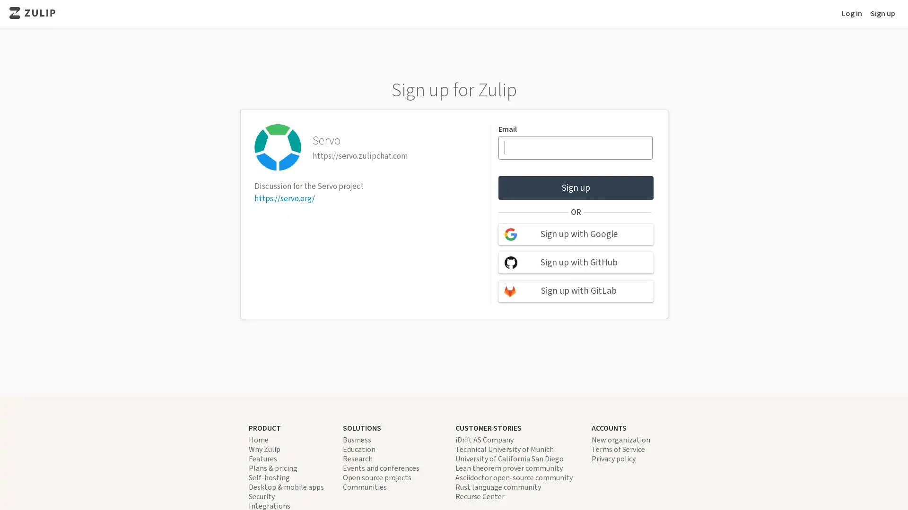  Describe the element at coordinates (575, 187) in the screenshot. I see `Sign up` at that location.